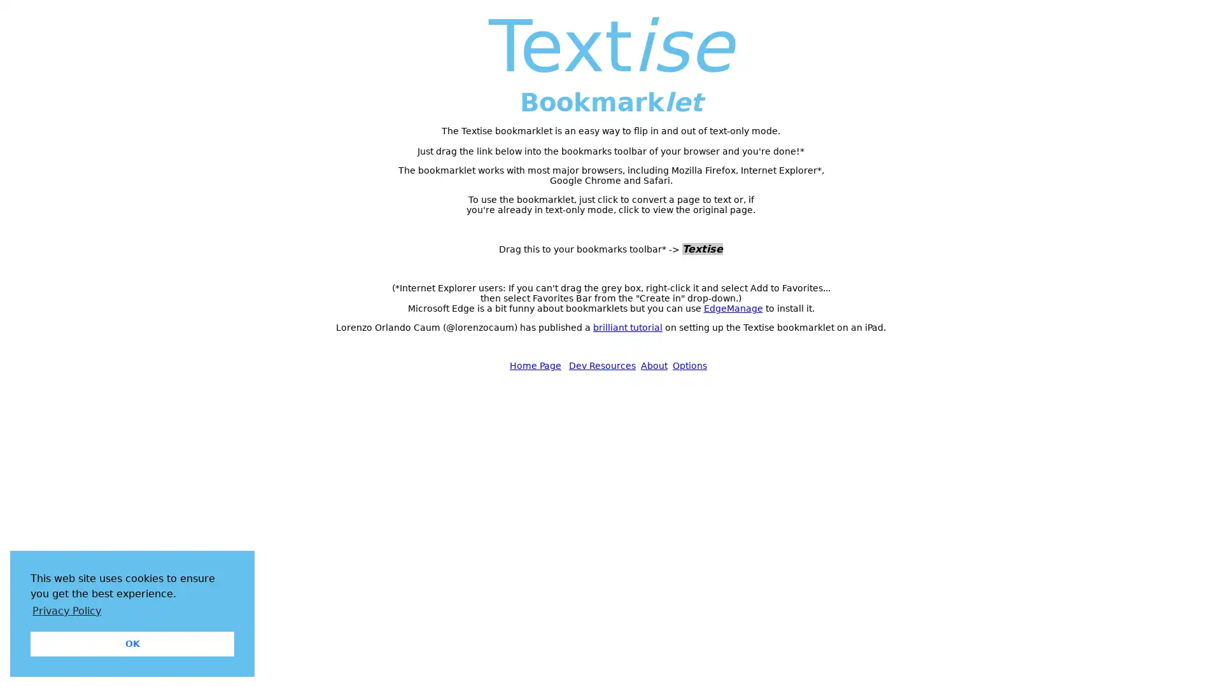  What do you see at coordinates (132, 643) in the screenshot?
I see `dismiss cookie message` at bounding box center [132, 643].